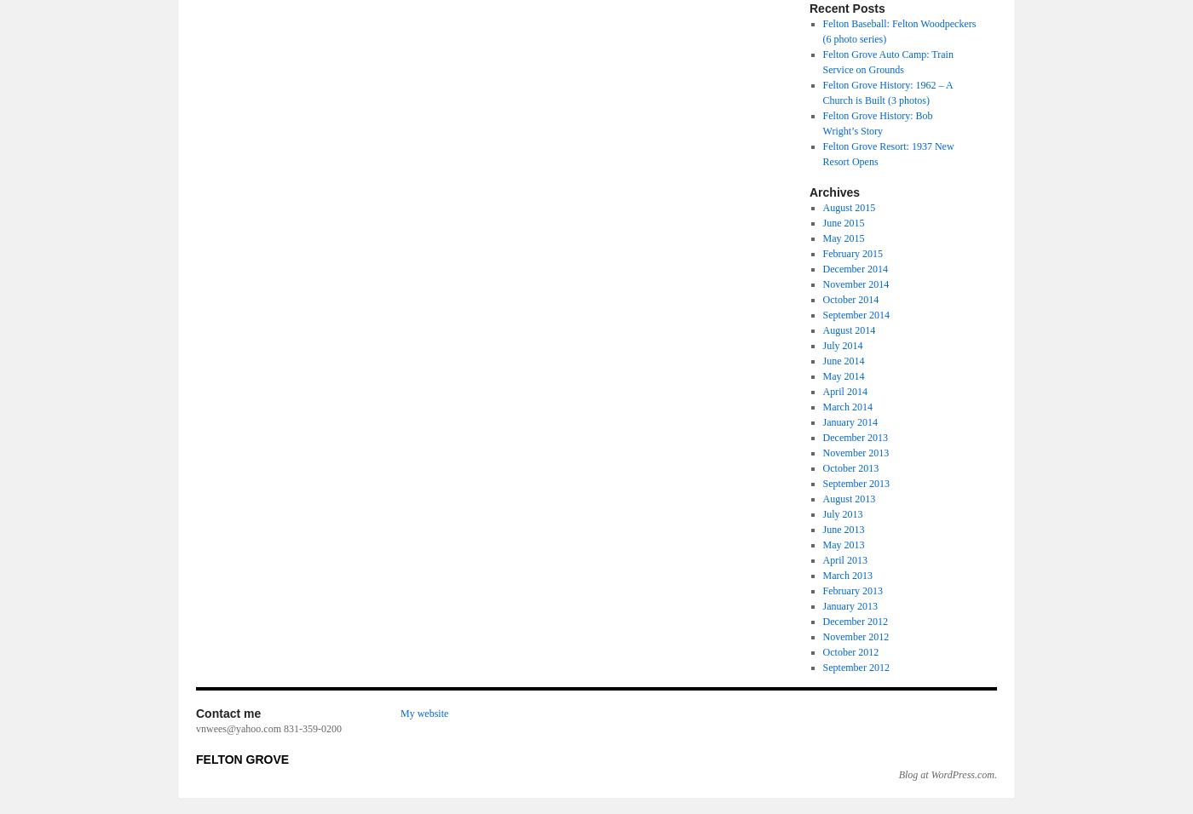 The image size is (1193, 814). I want to click on 'October 2012', so click(850, 651).